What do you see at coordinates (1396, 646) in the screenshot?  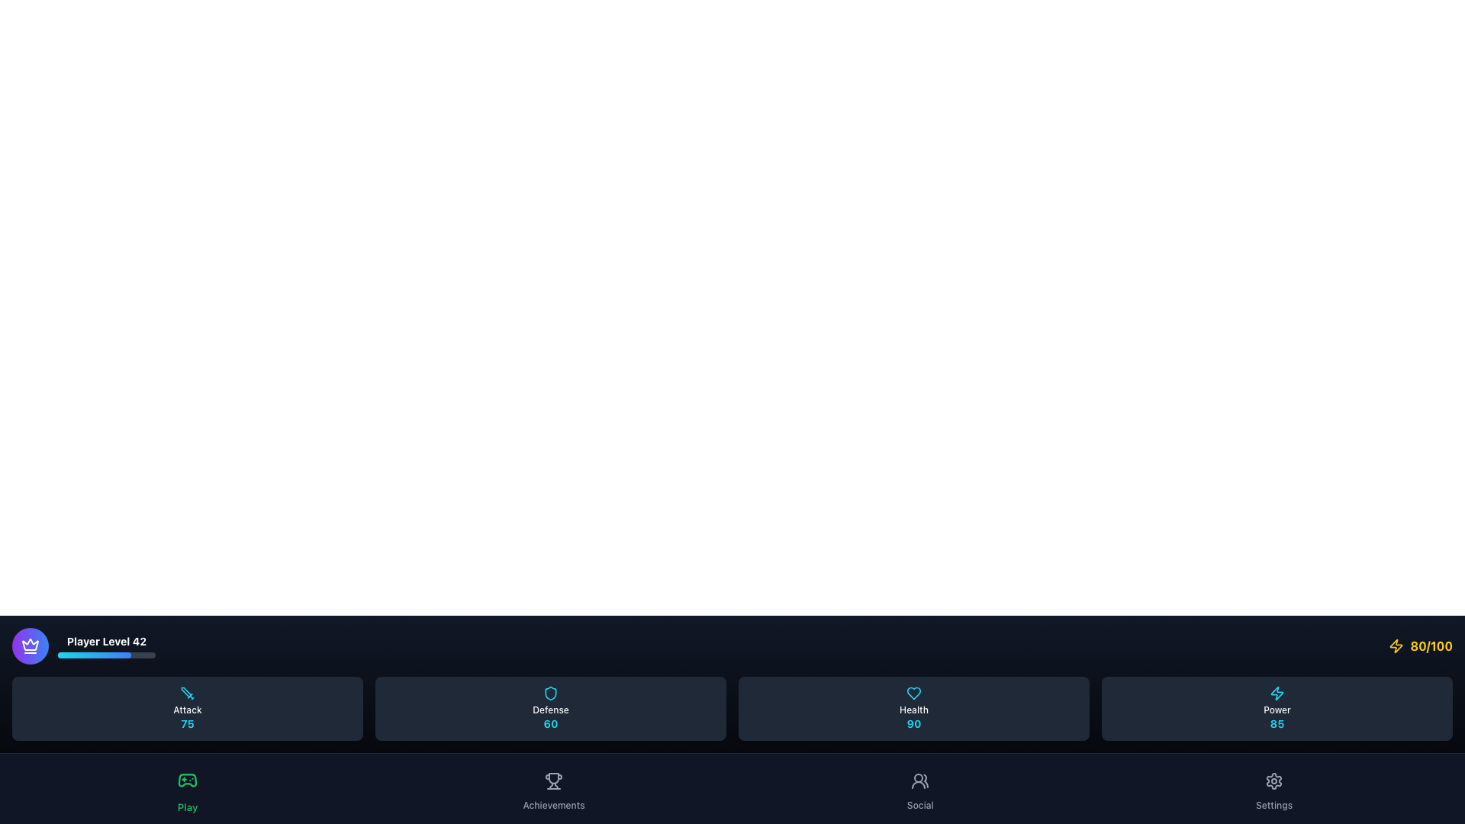 I see `the small yellow lightning bolt icon, which is located in the top-right corner of the lower section of the interface, preceding the textual score '80/100'` at bounding box center [1396, 646].